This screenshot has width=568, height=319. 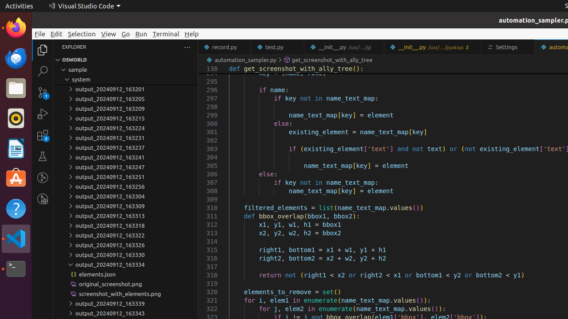 I want to click on 'output_20240912_163334', so click(x=125, y=264).